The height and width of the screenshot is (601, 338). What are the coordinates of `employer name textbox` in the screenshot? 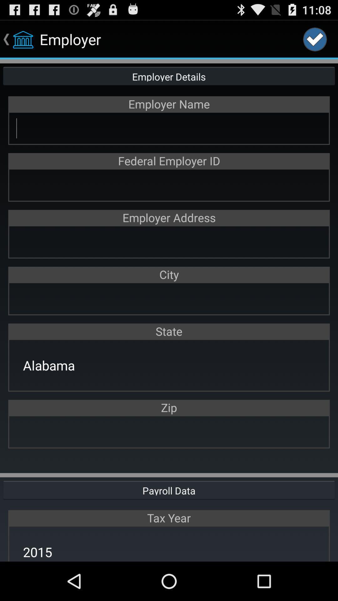 It's located at (169, 128).